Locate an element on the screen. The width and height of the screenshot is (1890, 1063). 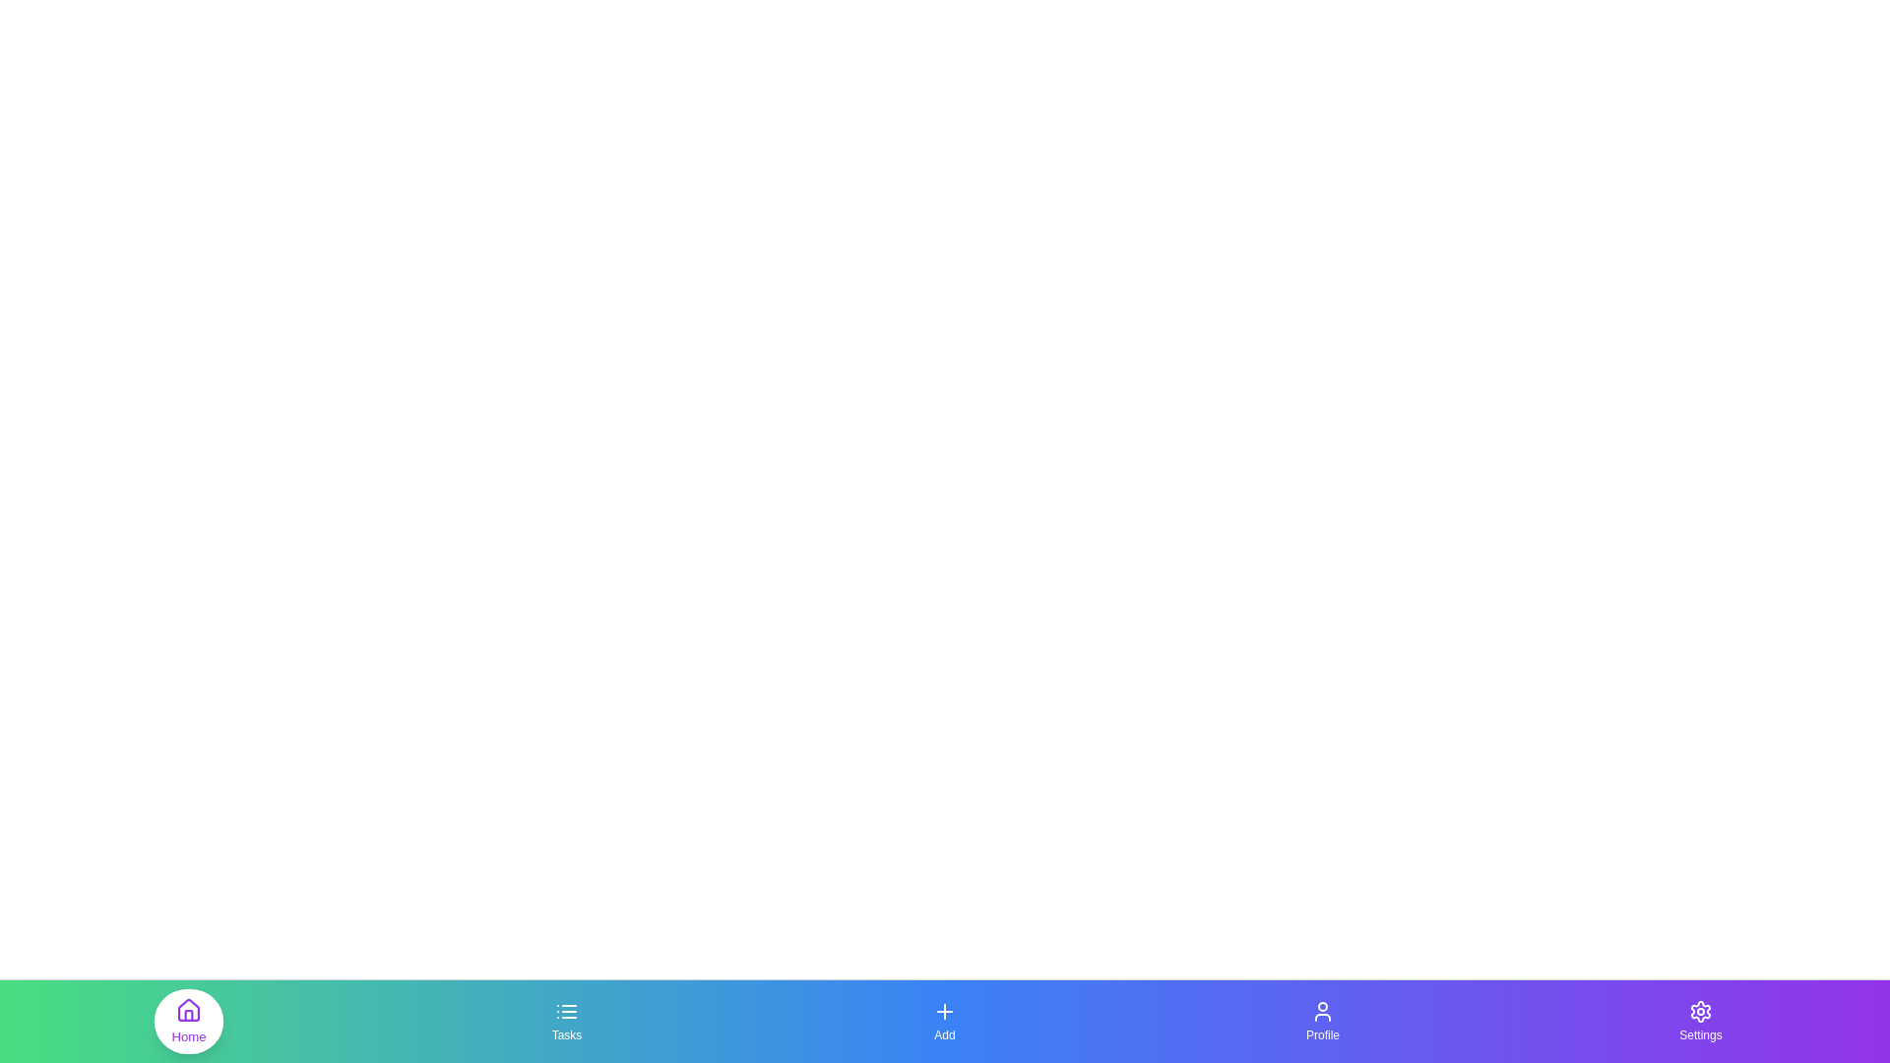
the Settings navigation tab to change the active section is located at coordinates (1700, 1020).